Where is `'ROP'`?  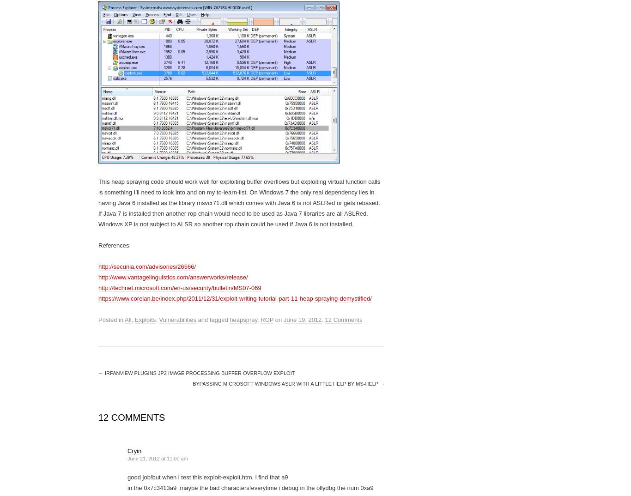
'ROP' is located at coordinates (266, 319).